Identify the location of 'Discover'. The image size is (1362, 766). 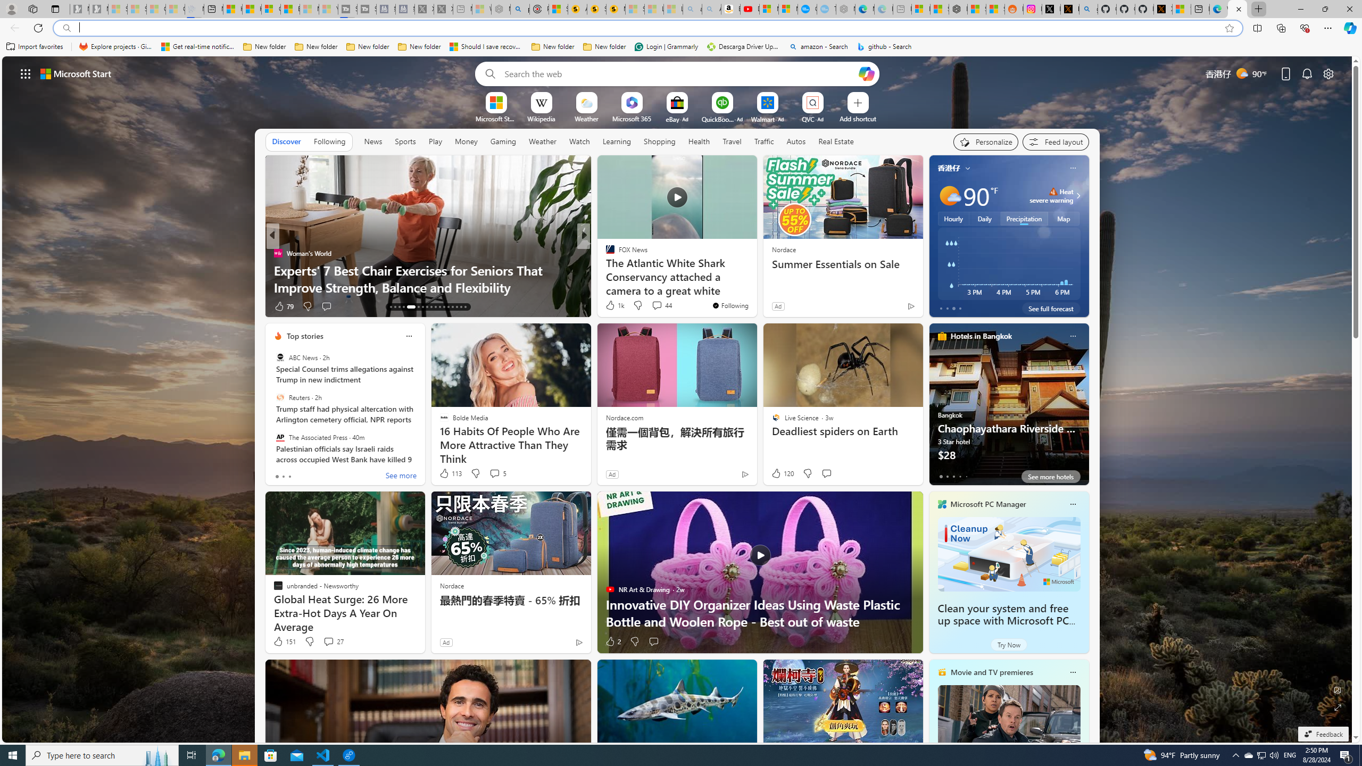
(286, 141).